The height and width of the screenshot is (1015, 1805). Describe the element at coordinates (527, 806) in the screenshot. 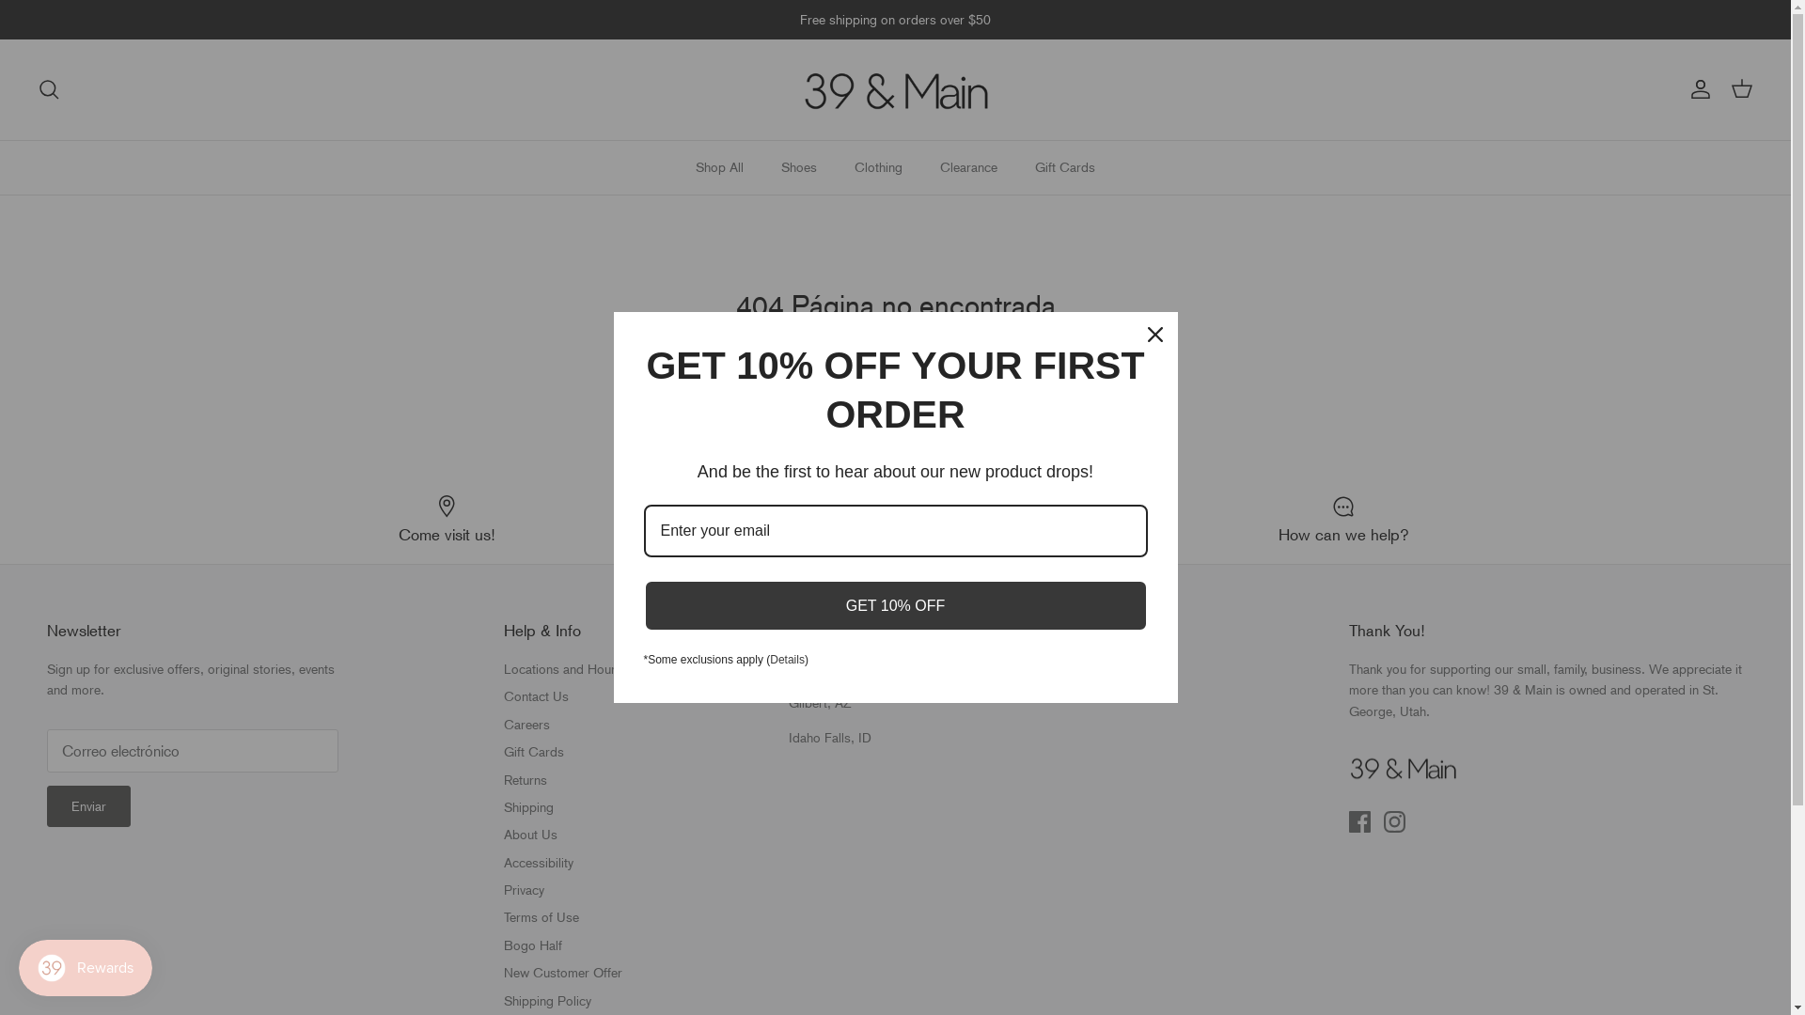

I see `'Shipping'` at that location.